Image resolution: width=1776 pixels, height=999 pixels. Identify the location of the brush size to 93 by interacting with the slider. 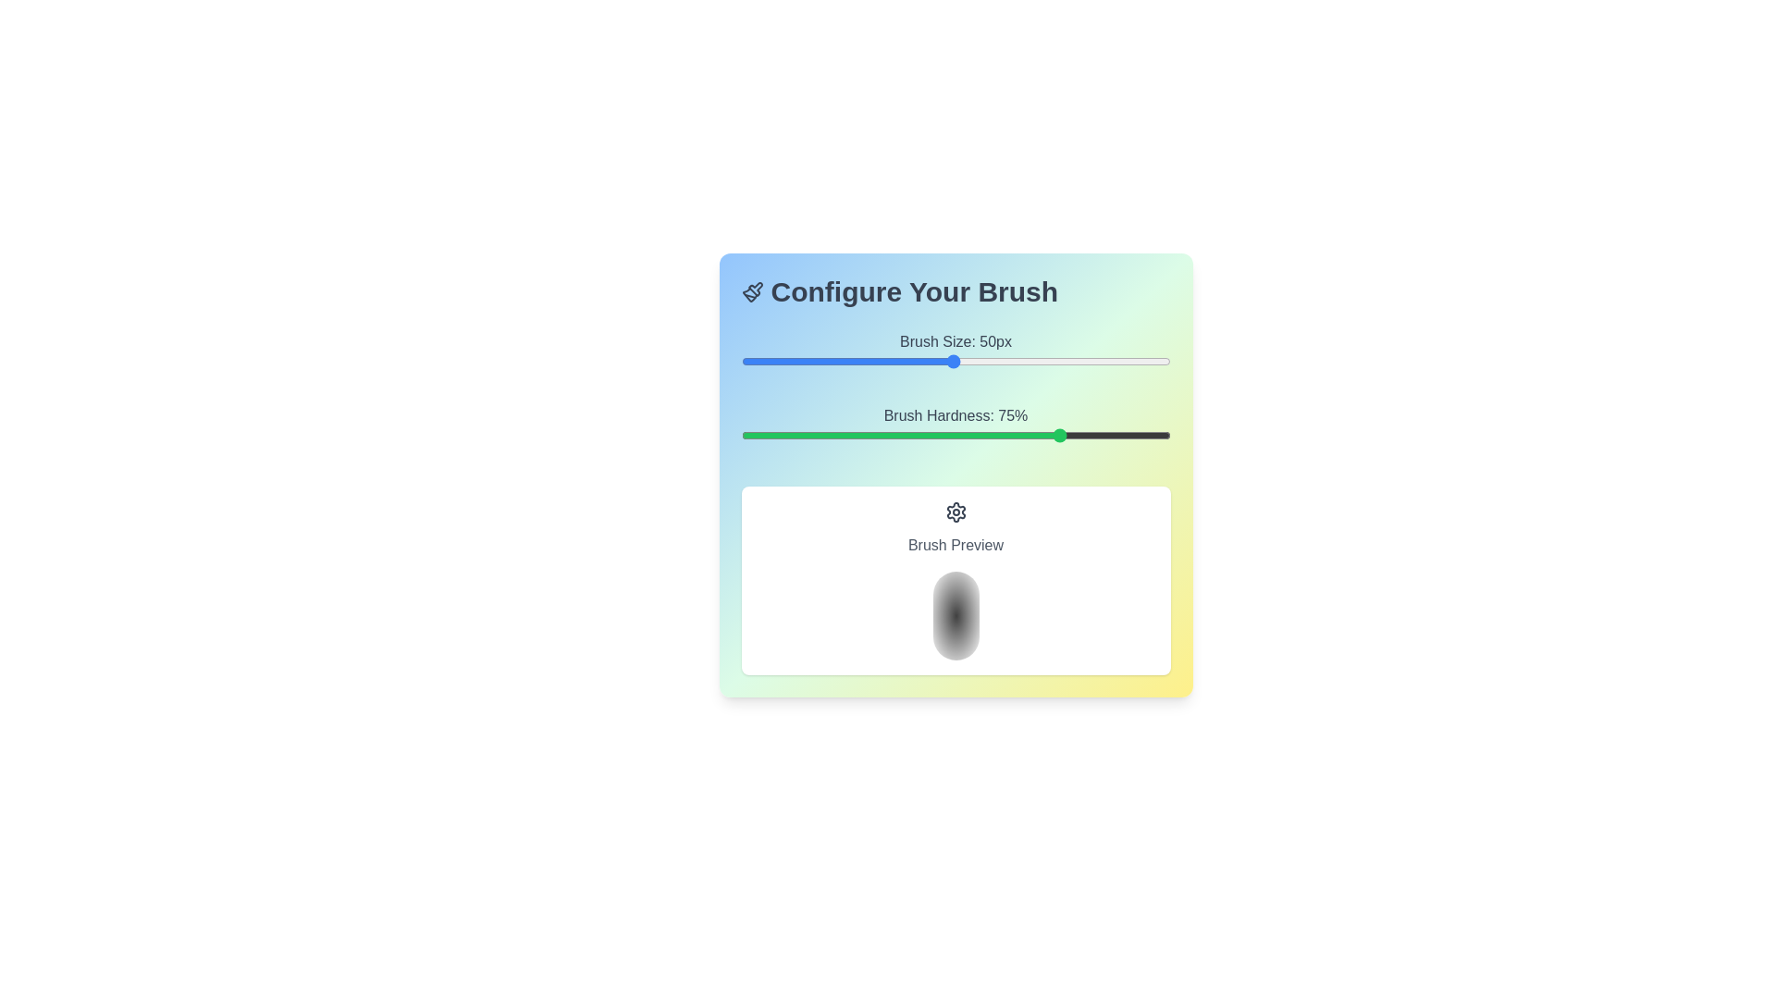
(1139, 361).